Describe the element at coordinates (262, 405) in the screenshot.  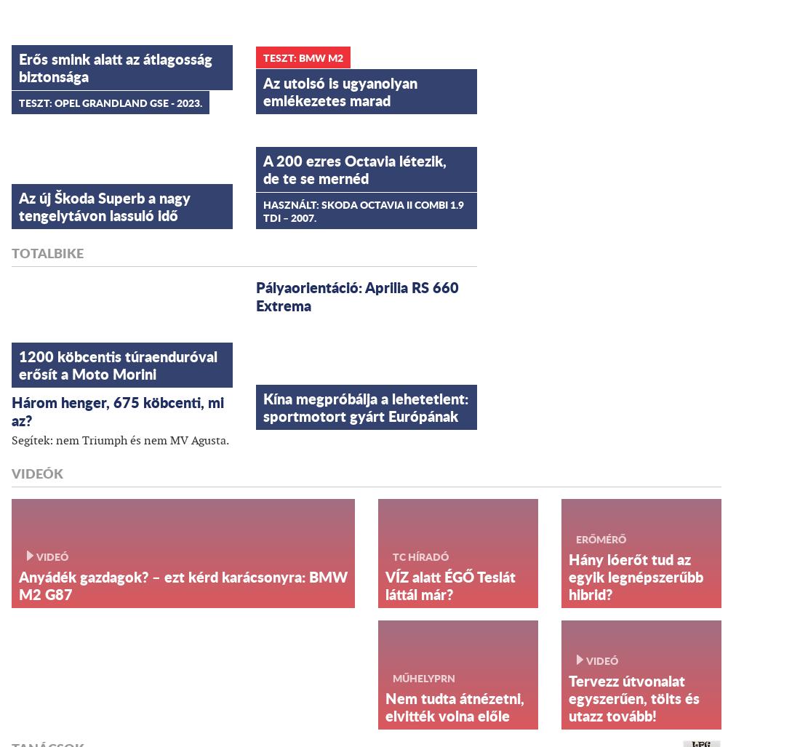
I see `'Kína megpróbálja a lehetetlent: sportmotort gyárt Európának'` at that location.